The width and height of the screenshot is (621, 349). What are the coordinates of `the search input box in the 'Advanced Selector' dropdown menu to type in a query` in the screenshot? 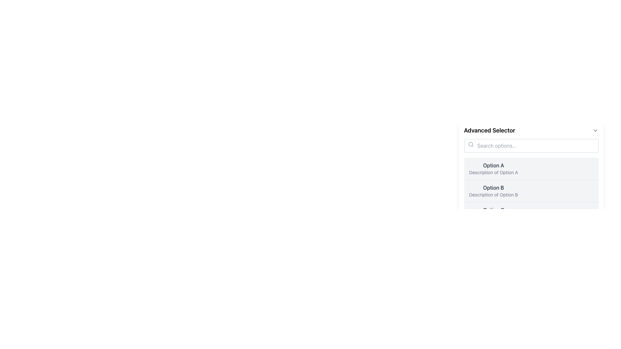 It's located at (531, 157).